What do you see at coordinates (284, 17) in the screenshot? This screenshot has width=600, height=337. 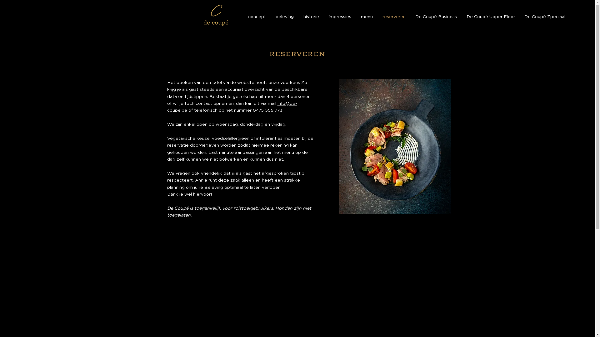 I see `'beleving'` at bounding box center [284, 17].